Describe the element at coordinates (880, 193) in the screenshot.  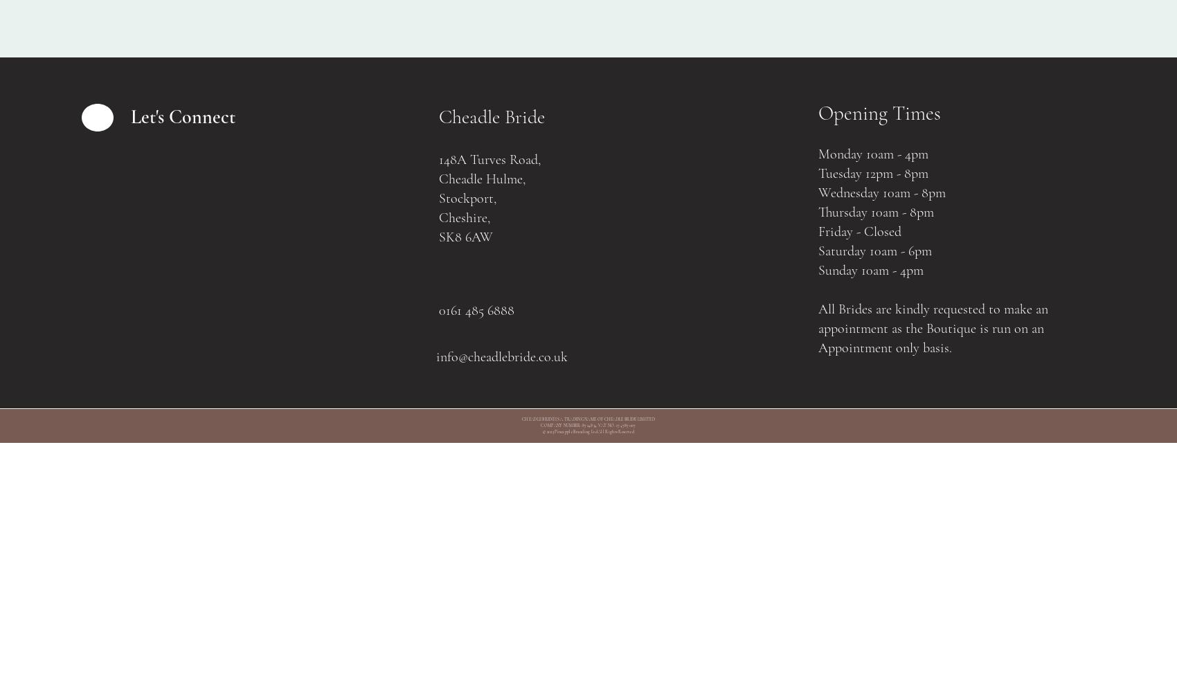
I see `'Wednesday 10am - 8pm'` at that location.